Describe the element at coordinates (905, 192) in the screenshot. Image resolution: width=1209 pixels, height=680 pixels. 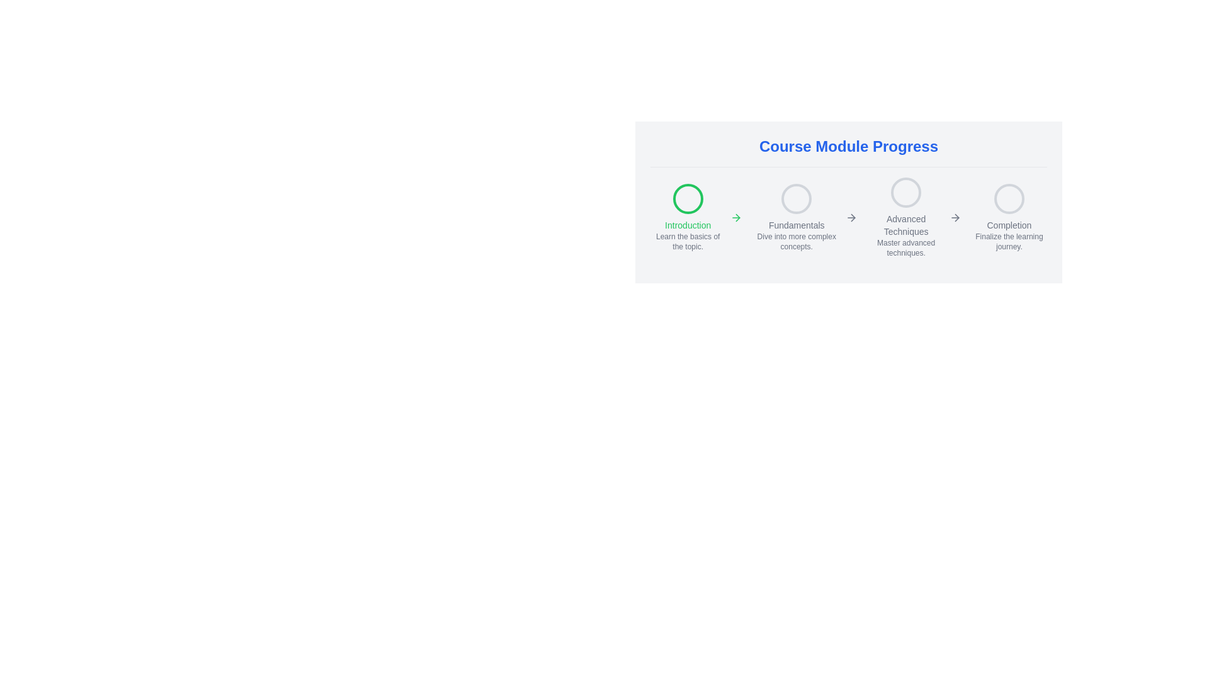
I see `the third circular progress indicator which has a light gray border and an empty white center, located above the label 'Advanced Techniques'` at that location.